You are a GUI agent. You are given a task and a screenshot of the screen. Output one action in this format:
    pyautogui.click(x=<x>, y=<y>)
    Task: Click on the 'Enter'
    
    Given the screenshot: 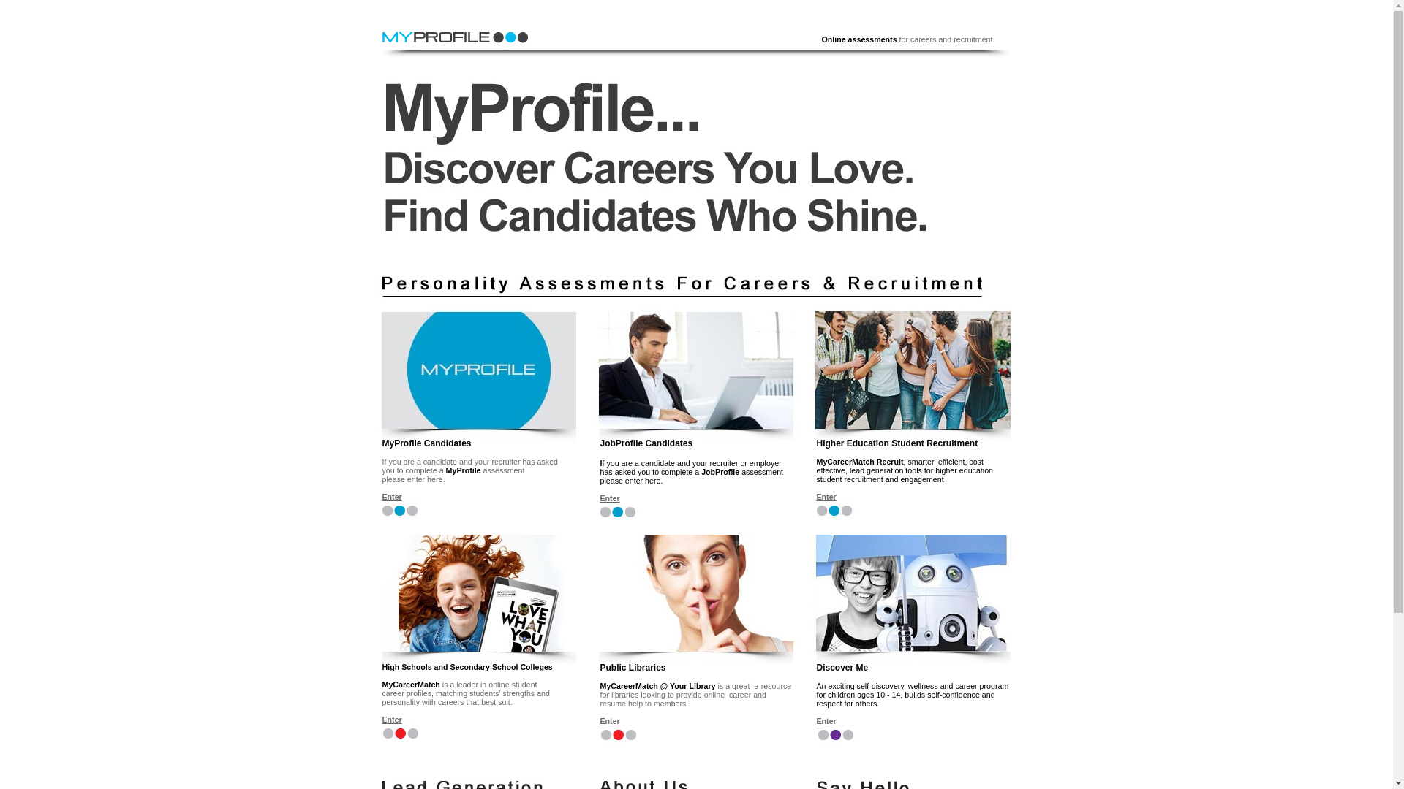 What is the action you would take?
    pyautogui.click(x=391, y=495)
    